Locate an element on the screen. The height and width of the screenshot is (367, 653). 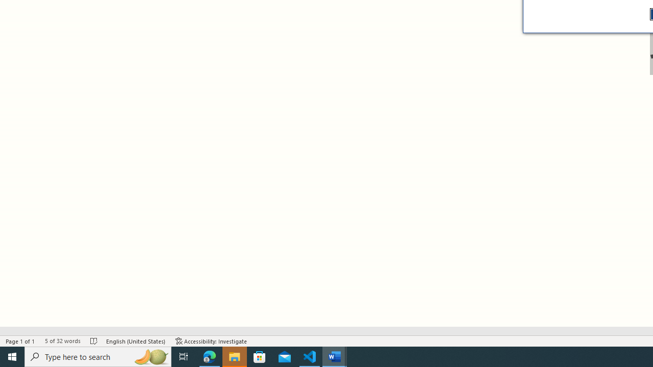
'Search highlights icon opens search home window' is located at coordinates (150, 356).